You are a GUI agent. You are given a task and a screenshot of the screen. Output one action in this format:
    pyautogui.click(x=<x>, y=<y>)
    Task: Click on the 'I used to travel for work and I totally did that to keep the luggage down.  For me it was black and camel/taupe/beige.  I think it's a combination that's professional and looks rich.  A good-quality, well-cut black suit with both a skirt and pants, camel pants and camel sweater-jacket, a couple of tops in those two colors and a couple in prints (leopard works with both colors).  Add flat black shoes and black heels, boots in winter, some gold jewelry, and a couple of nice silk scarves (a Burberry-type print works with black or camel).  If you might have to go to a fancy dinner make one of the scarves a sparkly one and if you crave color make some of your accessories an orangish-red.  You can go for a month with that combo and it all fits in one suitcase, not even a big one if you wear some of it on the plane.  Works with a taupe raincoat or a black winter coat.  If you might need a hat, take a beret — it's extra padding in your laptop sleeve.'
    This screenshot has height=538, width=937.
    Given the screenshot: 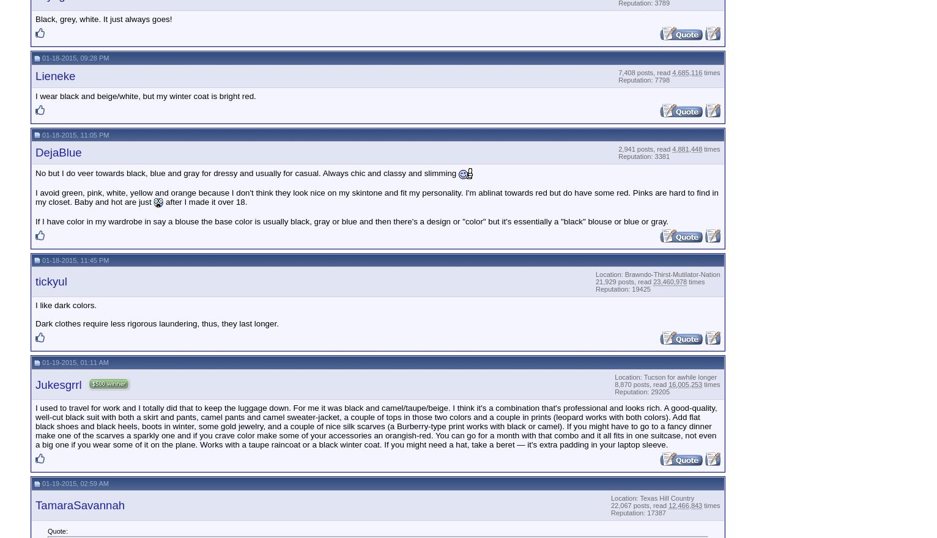 What is the action you would take?
    pyautogui.click(x=376, y=426)
    